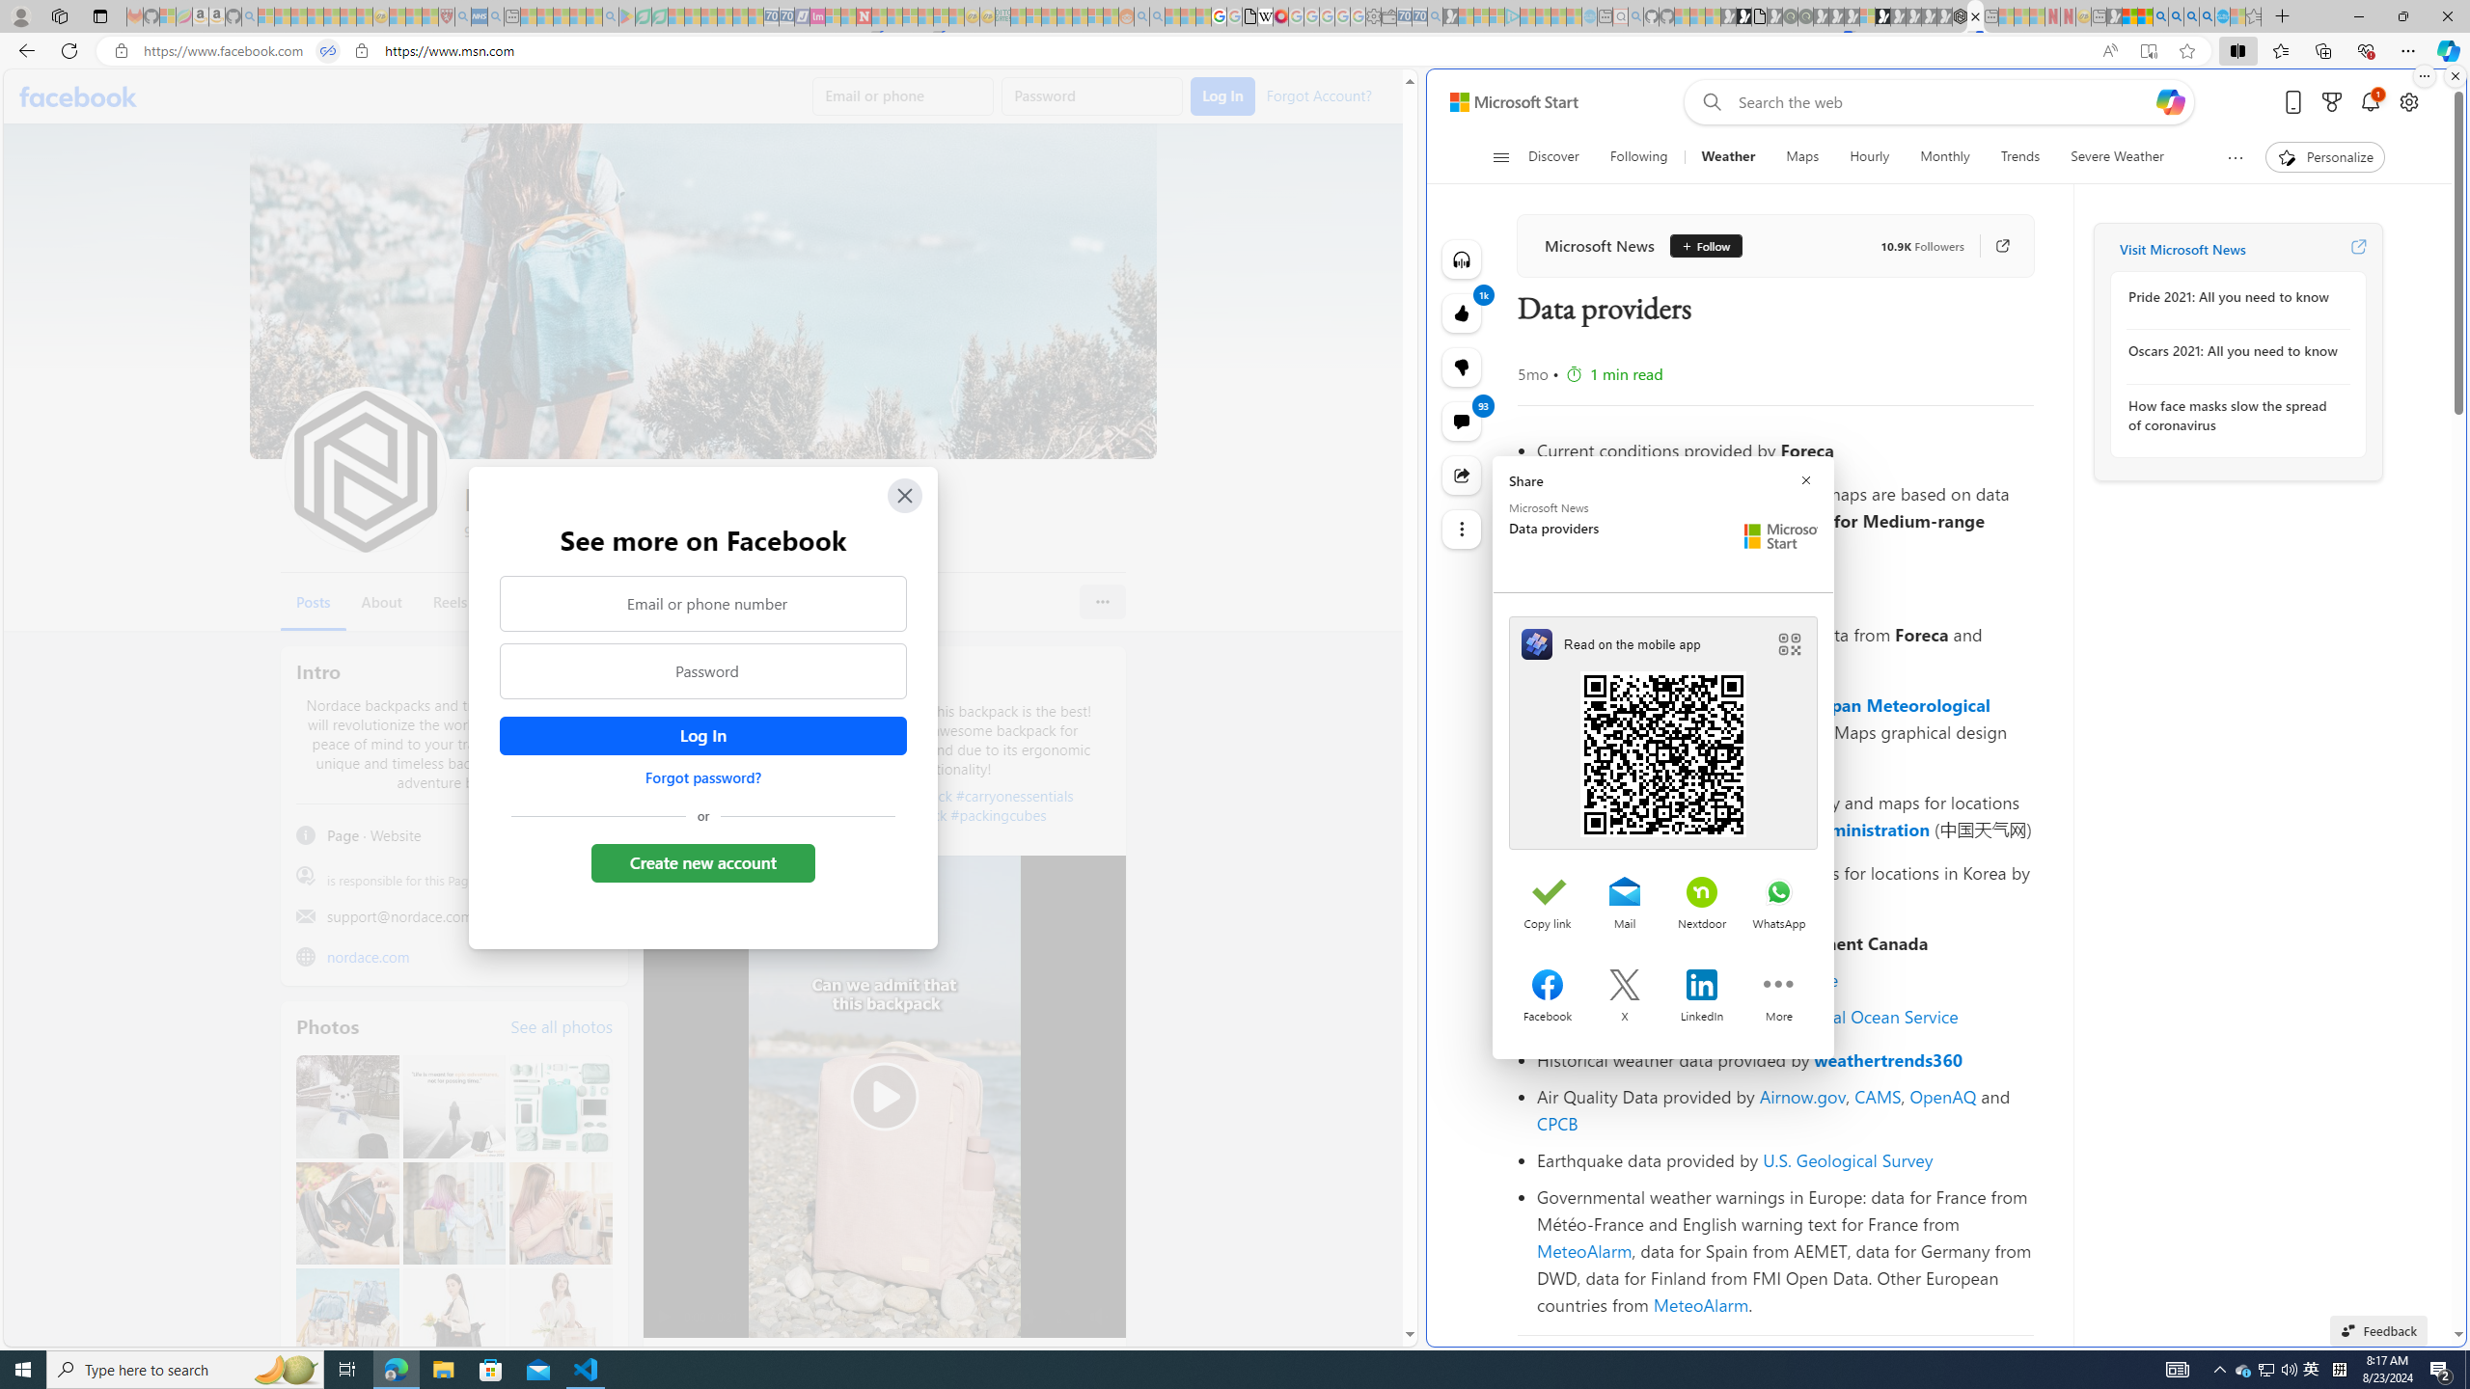  What do you see at coordinates (1801, 156) in the screenshot?
I see `'Maps'` at bounding box center [1801, 156].